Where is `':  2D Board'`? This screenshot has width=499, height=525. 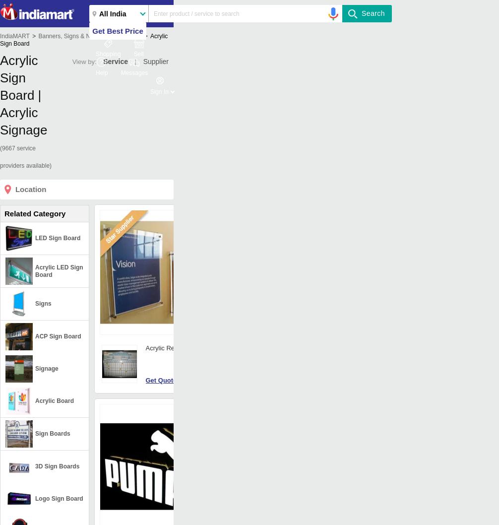
':  2D Board' is located at coordinates (284, 249).